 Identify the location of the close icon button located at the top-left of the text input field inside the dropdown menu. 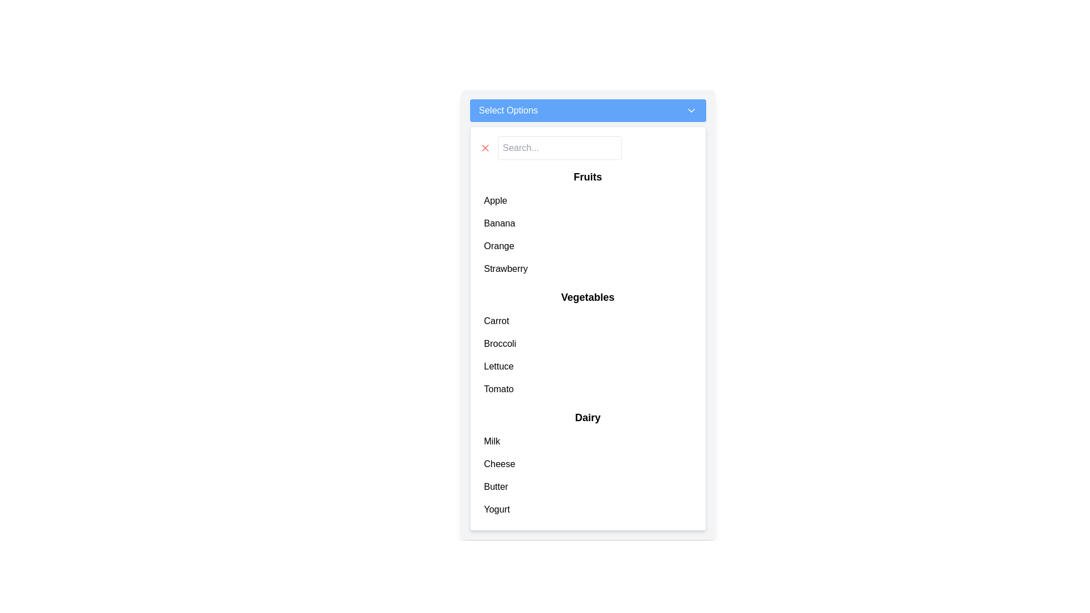
(485, 148).